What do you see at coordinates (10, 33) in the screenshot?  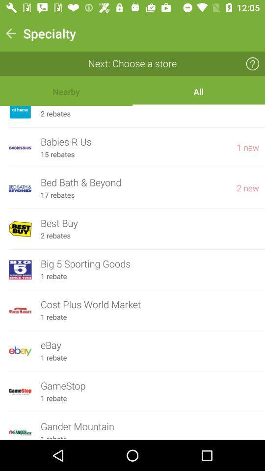 I see `back button` at bounding box center [10, 33].